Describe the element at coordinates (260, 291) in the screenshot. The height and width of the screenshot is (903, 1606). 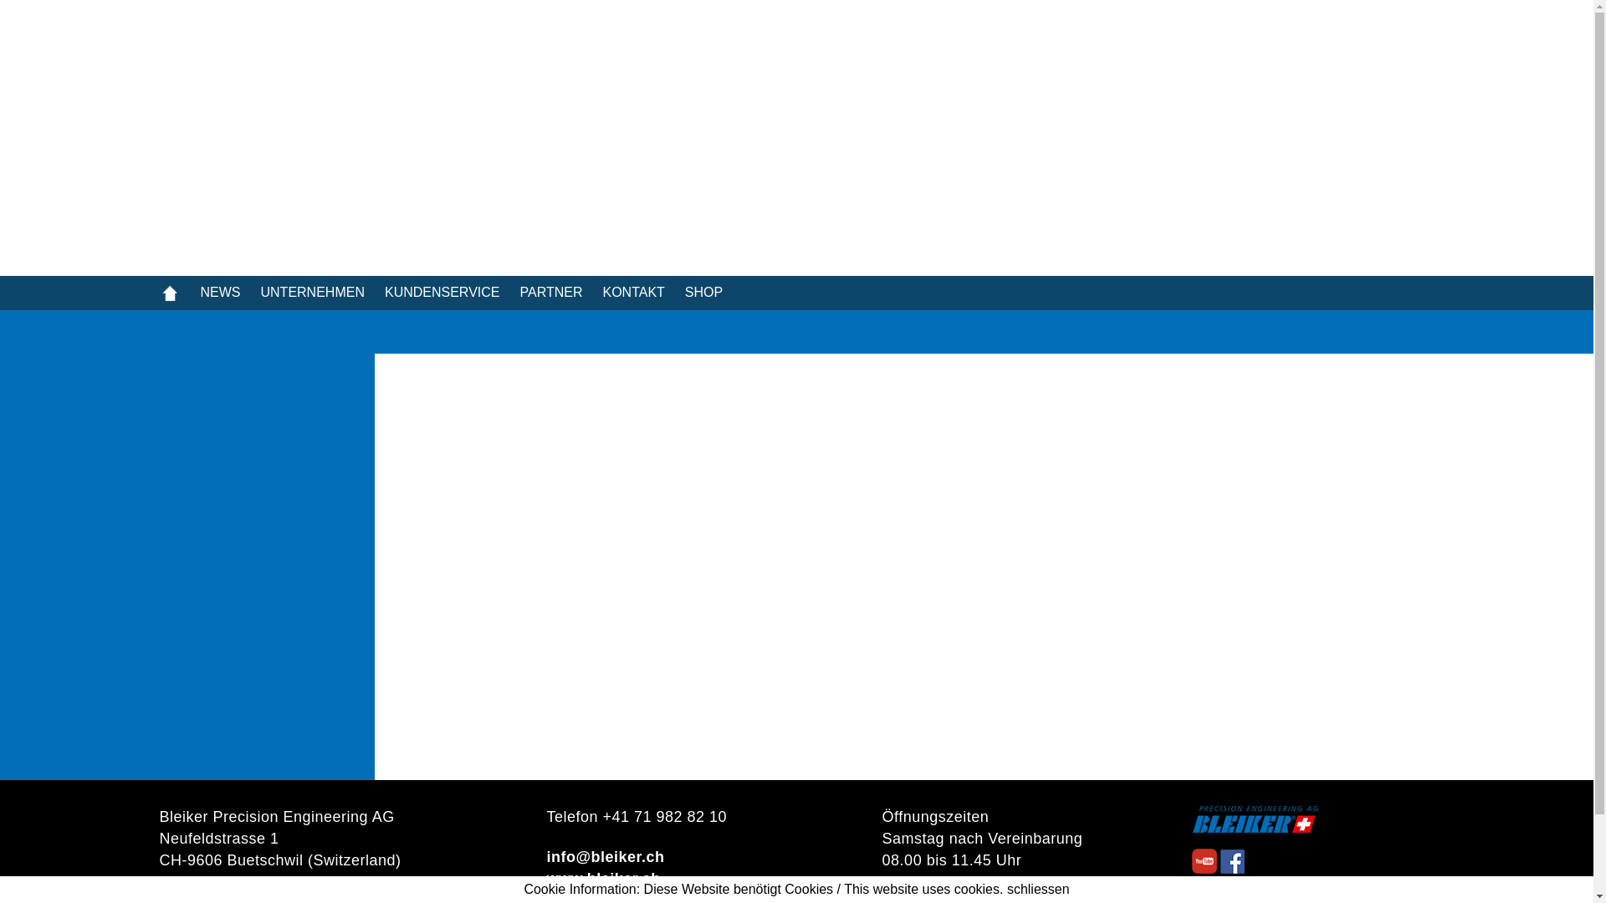
I see `'UNTERNEHMEN'` at that location.